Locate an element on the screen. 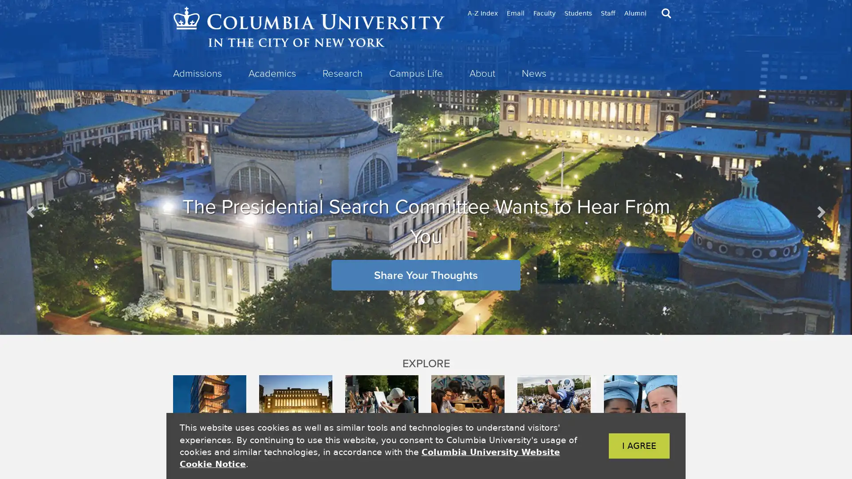  Close Cookie Notice I AGREE is located at coordinates (625, 446).